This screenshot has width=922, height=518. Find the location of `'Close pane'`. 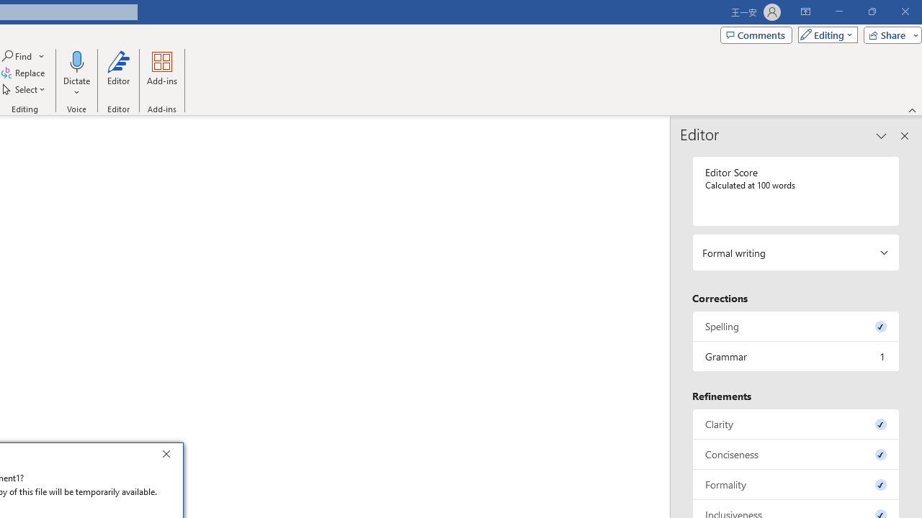

'Close pane' is located at coordinates (904, 136).